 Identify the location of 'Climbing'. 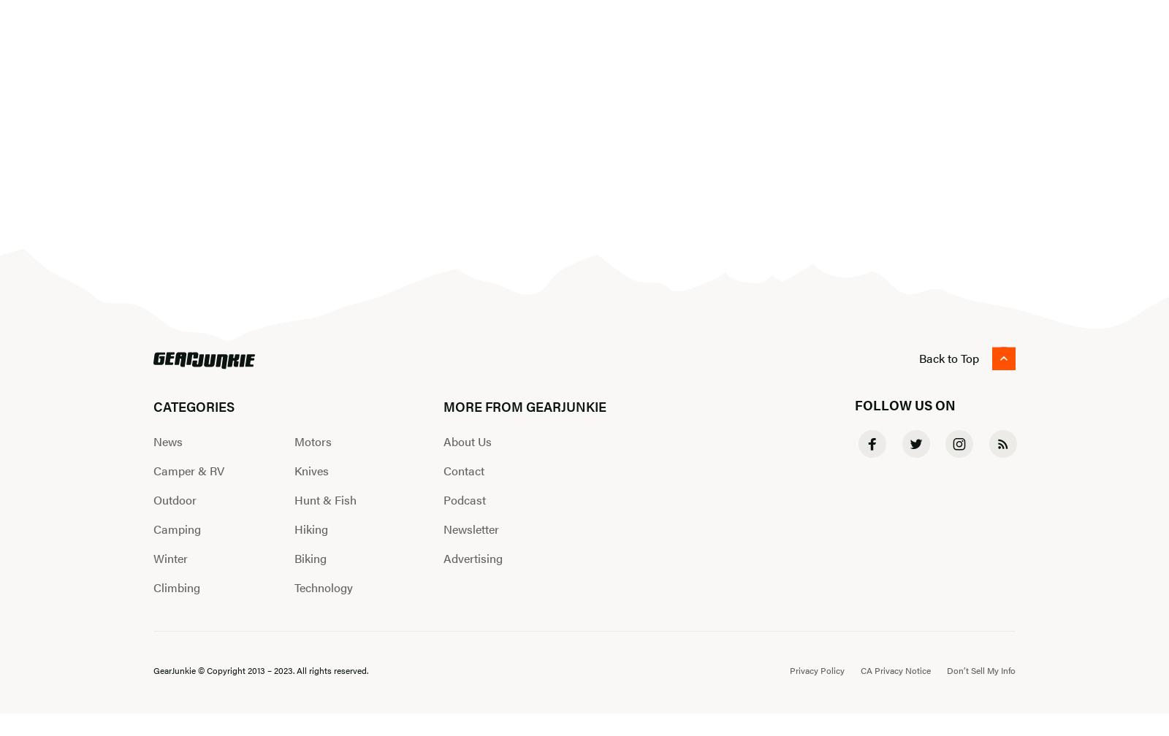
(176, 586).